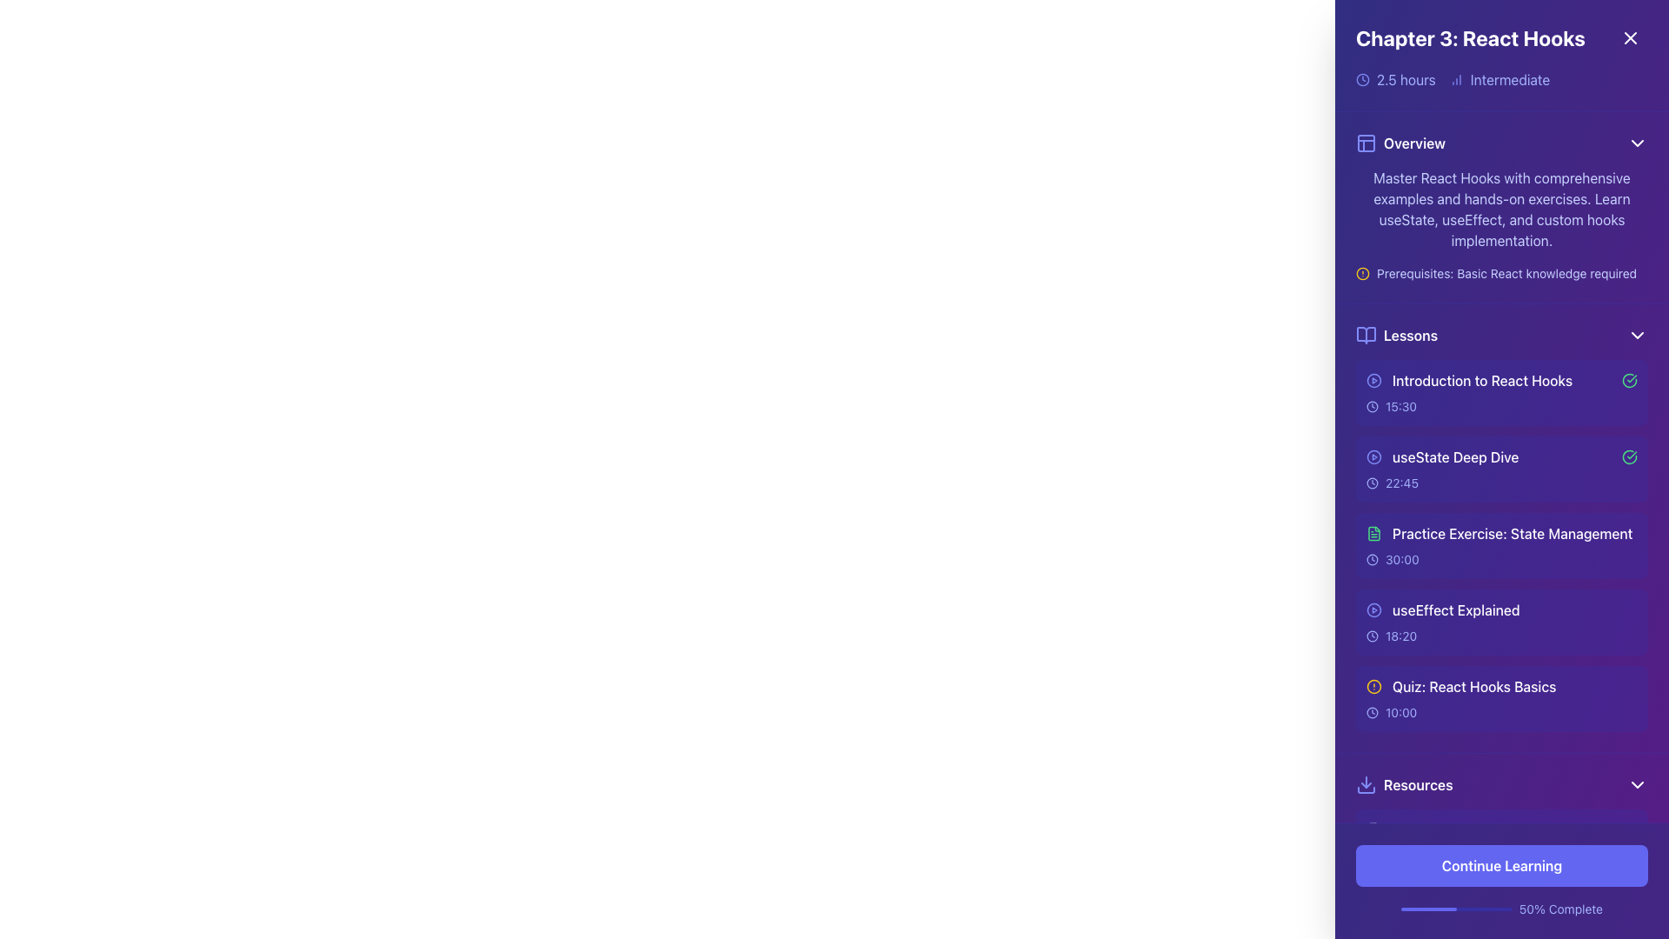 The height and width of the screenshot is (939, 1669). I want to click on the 'Lessons' text label located in the navigation panel on the right side of the interface, so click(1411, 335).